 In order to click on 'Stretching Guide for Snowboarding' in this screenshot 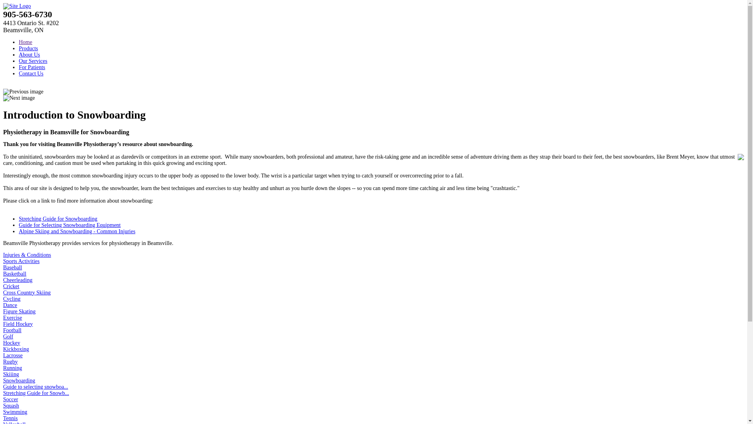, I will do `click(58, 219)`.